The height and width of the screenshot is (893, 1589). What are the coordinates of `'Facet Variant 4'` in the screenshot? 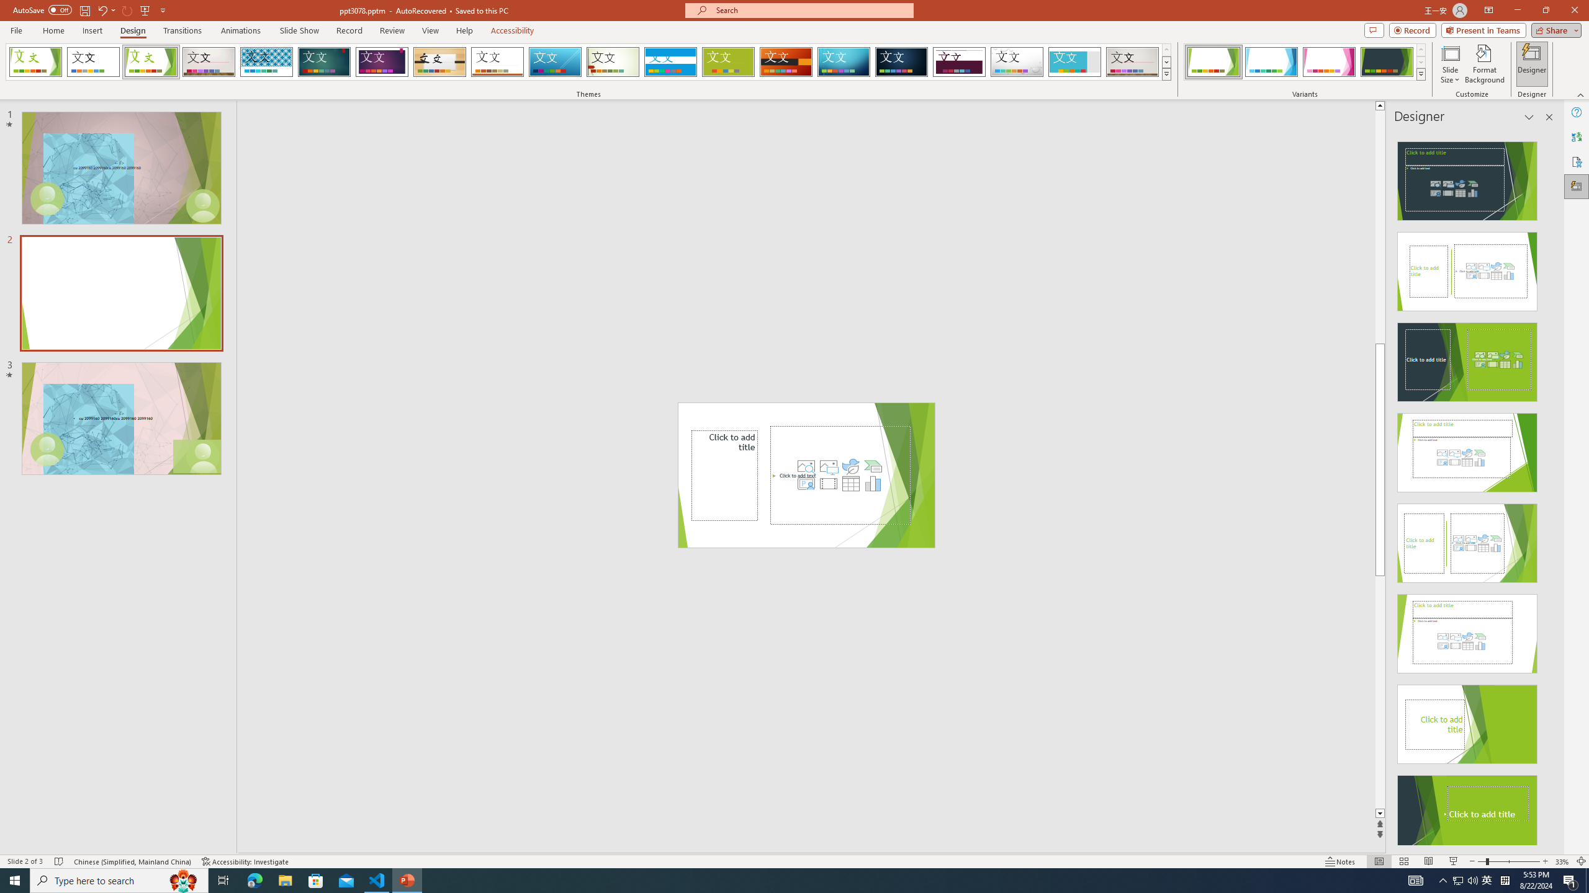 It's located at (1386, 61).